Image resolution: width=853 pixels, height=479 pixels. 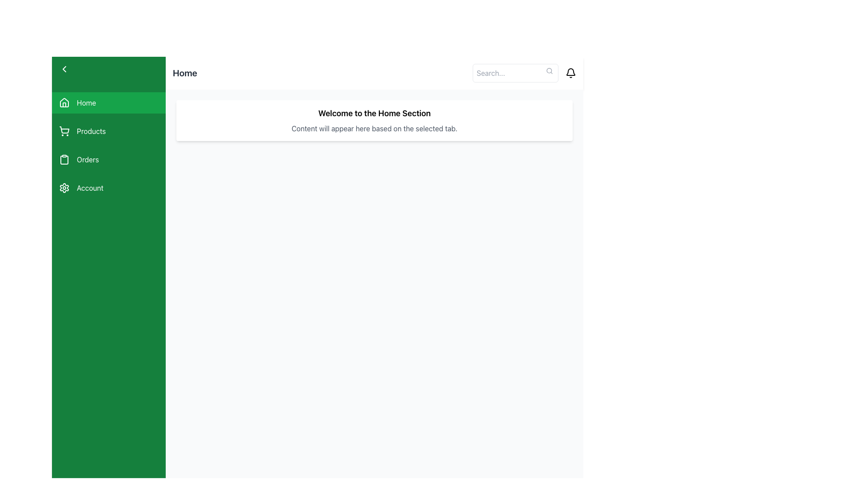 What do you see at coordinates (108, 188) in the screenshot?
I see `the navigational button for account settings located as the fourth element in the vertical navigation menu` at bounding box center [108, 188].